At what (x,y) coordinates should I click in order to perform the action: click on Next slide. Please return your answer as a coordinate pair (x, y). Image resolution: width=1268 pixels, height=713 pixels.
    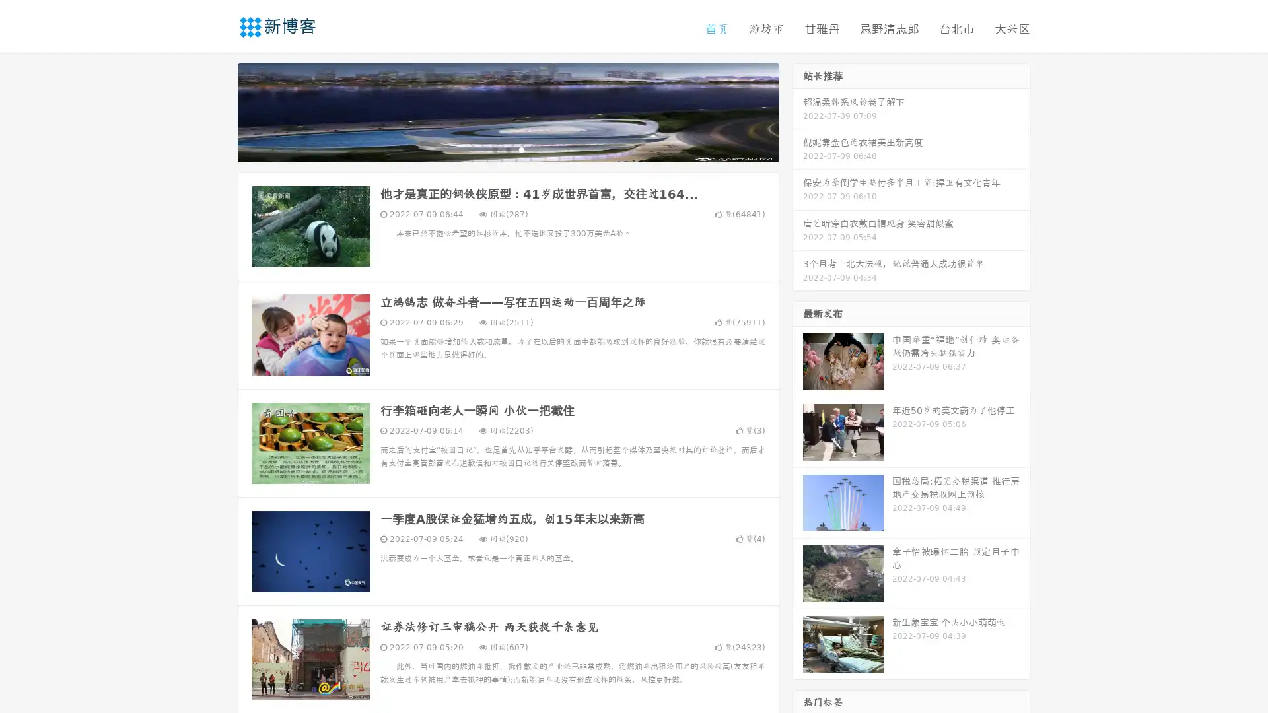
    Looking at the image, I should click on (798, 111).